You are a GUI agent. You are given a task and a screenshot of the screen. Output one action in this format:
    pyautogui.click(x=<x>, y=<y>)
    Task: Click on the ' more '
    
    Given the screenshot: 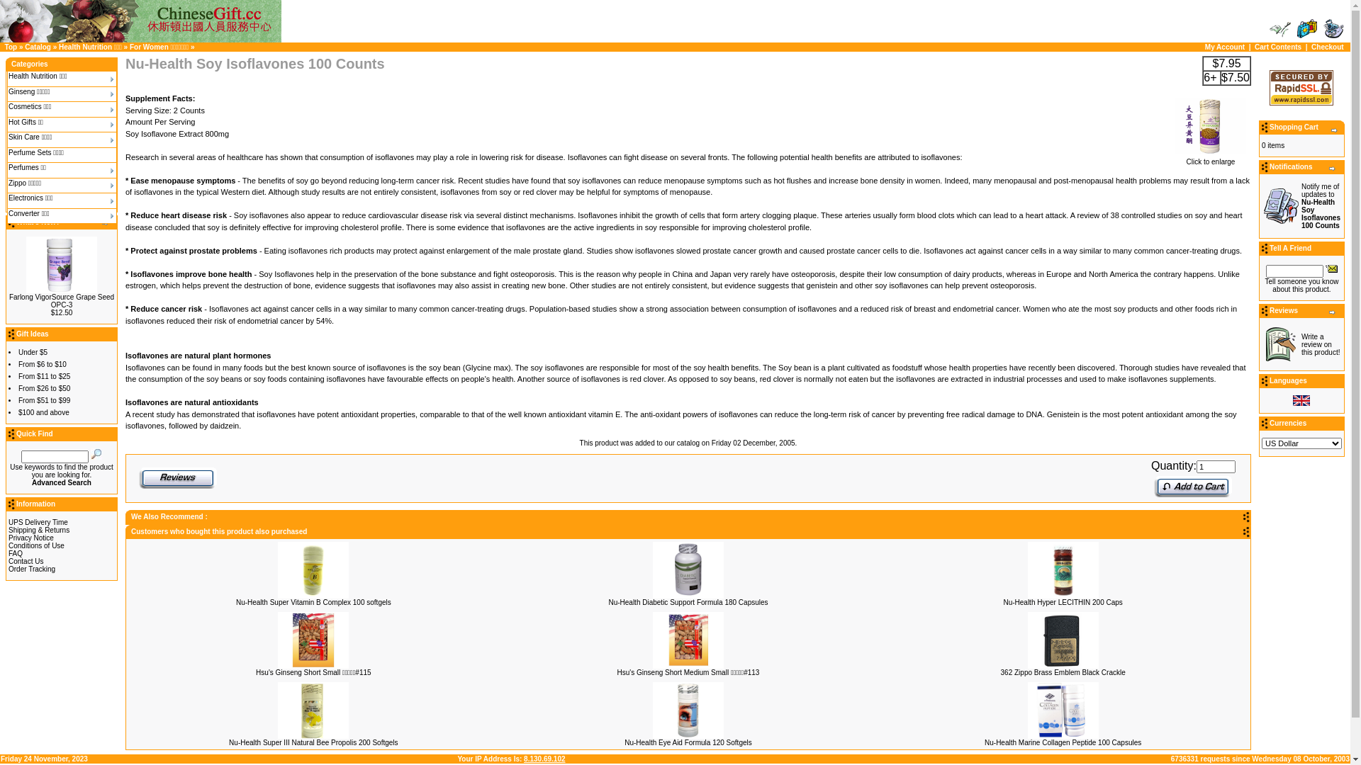 What is the action you would take?
    pyautogui.click(x=1333, y=130)
    